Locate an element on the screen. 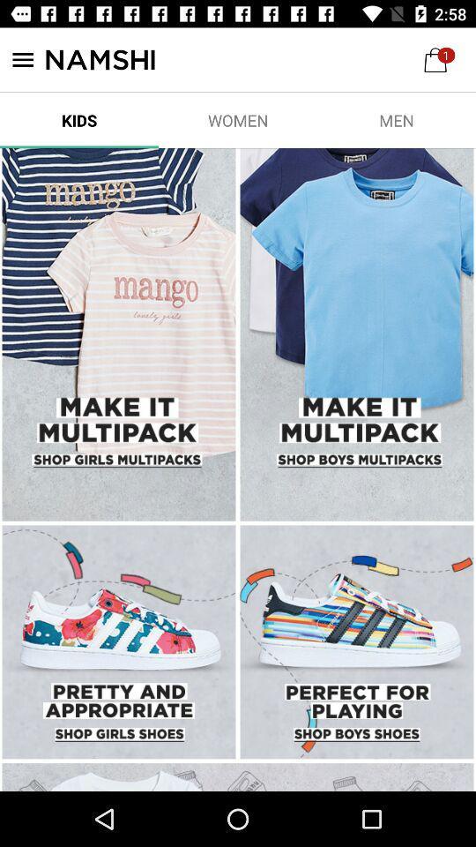  the women icon is located at coordinates (238, 119).